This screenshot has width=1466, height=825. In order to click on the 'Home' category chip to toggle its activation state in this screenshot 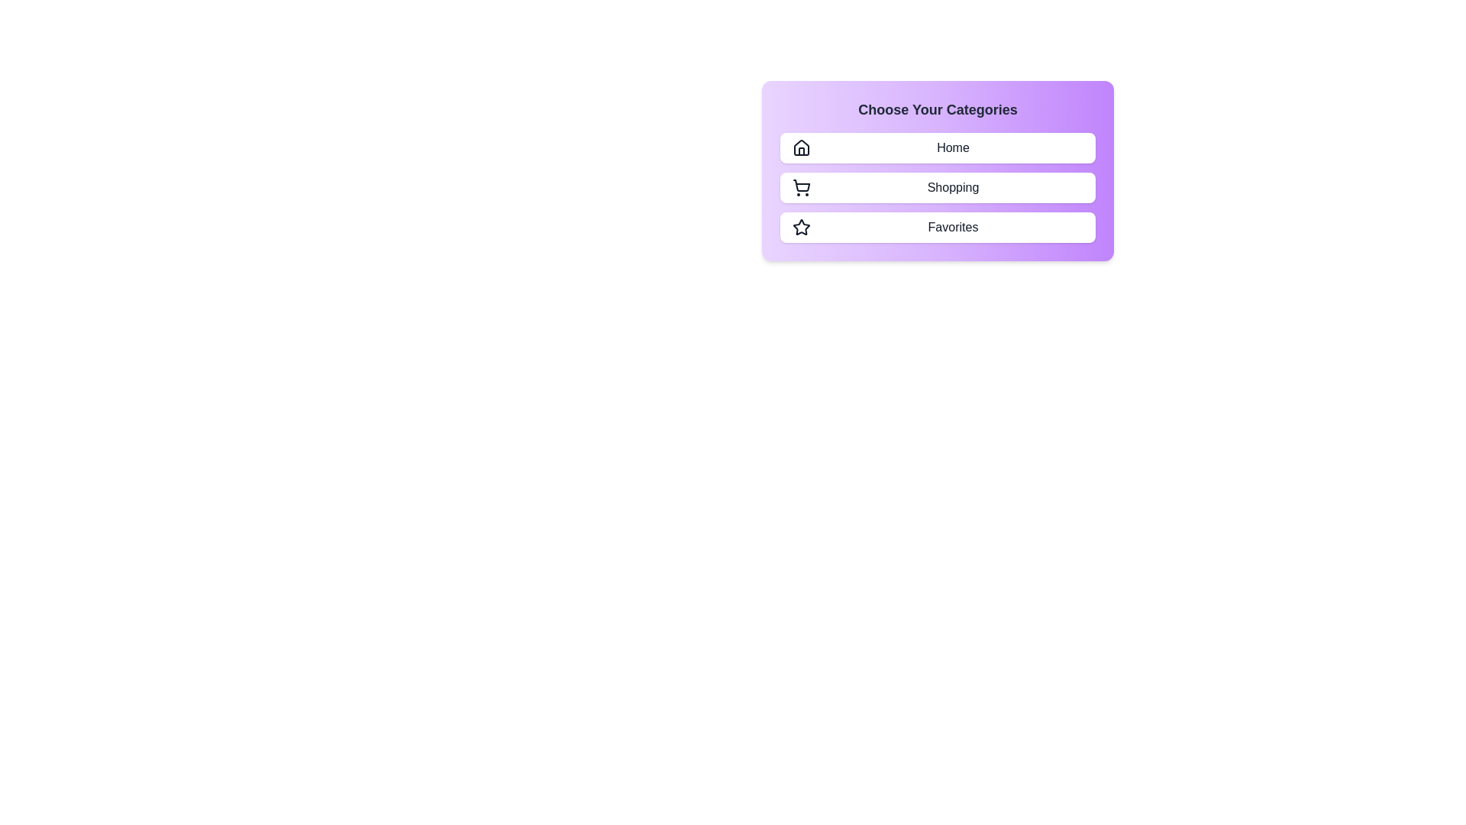, I will do `click(937, 147)`.